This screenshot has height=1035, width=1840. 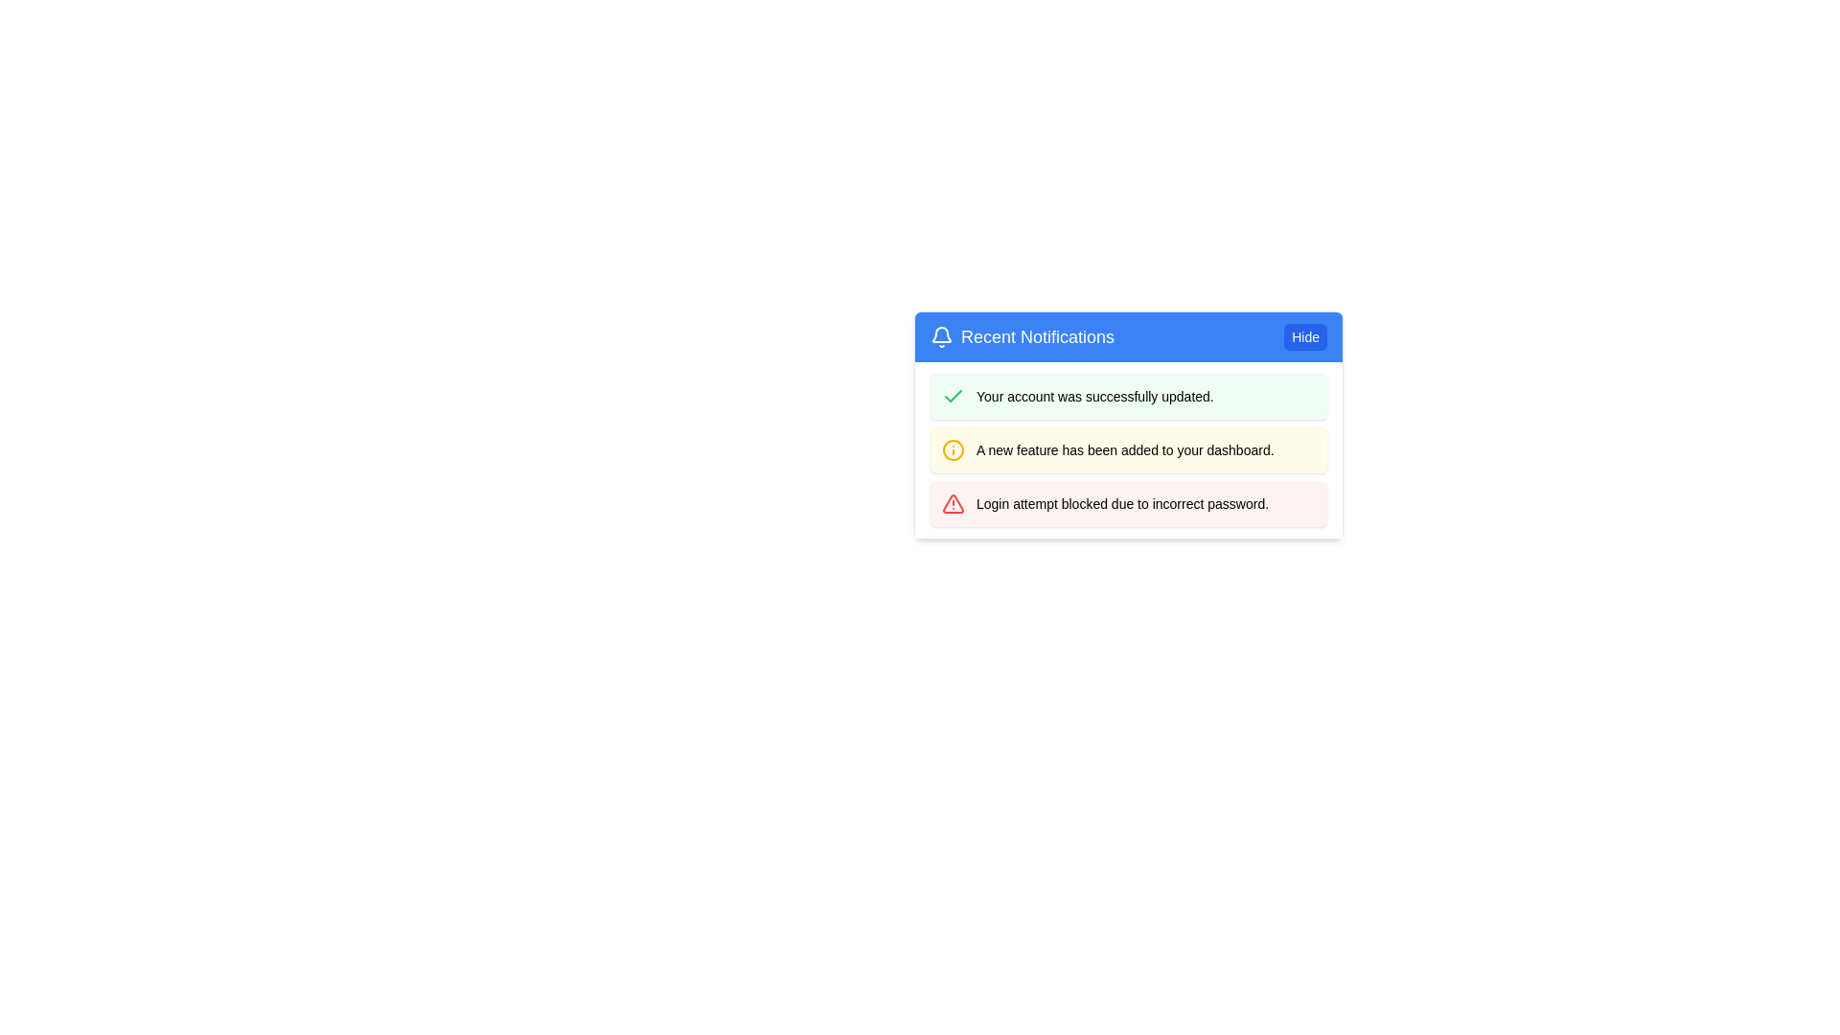 What do you see at coordinates (1125, 450) in the screenshot?
I see `the text label that reads 'A new feature has been added to your dashboard.' which is styled with a small font size on a yellow background and located in the second notification row, to the right of a circular alert icon` at bounding box center [1125, 450].